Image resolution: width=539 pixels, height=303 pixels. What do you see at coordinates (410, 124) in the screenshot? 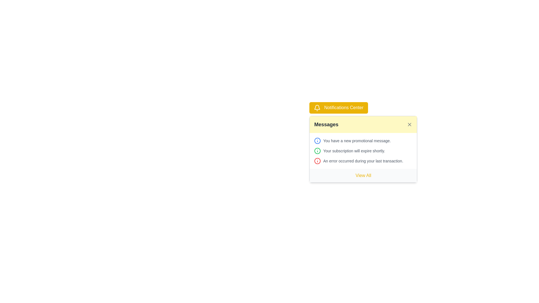
I see `the close button located at the top-right corner of the notification panel` at bounding box center [410, 124].